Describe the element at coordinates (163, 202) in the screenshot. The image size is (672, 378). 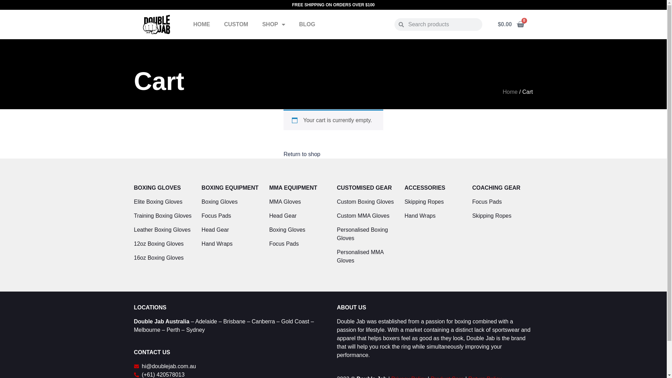
I see `'Elite Boxing Gloves'` at that location.